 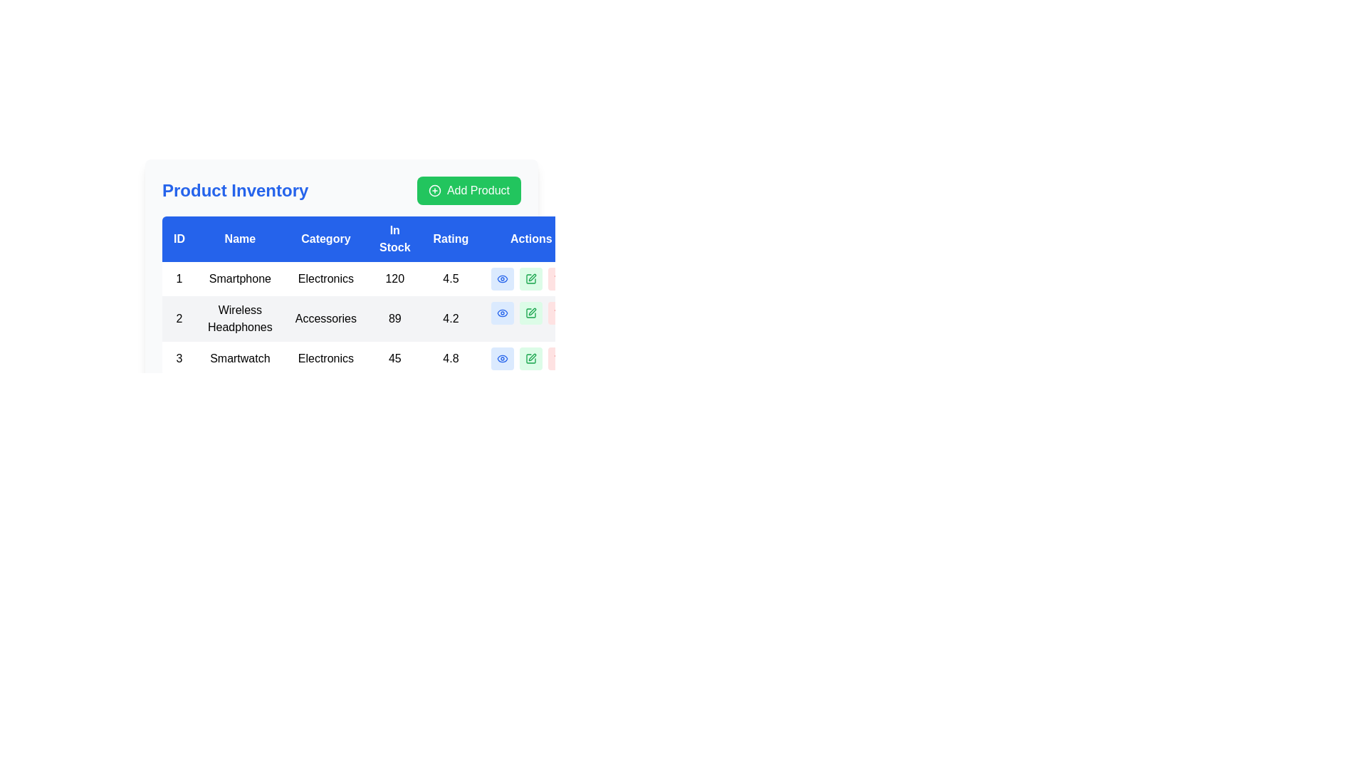 What do you see at coordinates (394, 358) in the screenshot?
I see `the 'Smartwatch' quantity text label in the 'In Stock' column of the third row of the 'Product Inventory' table` at bounding box center [394, 358].